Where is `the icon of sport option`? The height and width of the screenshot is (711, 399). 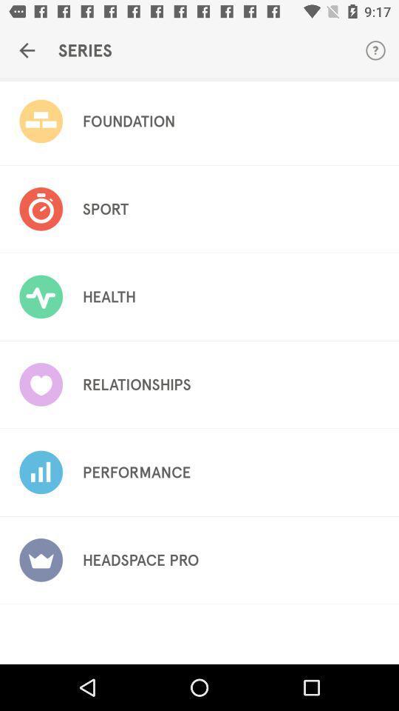
the icon of sport option is located at coordinates (41, 208).